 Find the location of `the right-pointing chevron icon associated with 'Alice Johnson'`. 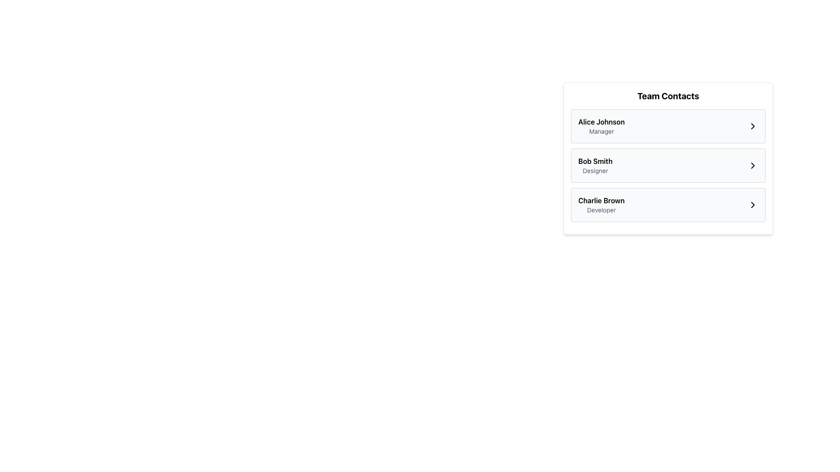

the right-pointing chevron icon associated with 'Alice Johnson' is located at coordinates (752, 126).